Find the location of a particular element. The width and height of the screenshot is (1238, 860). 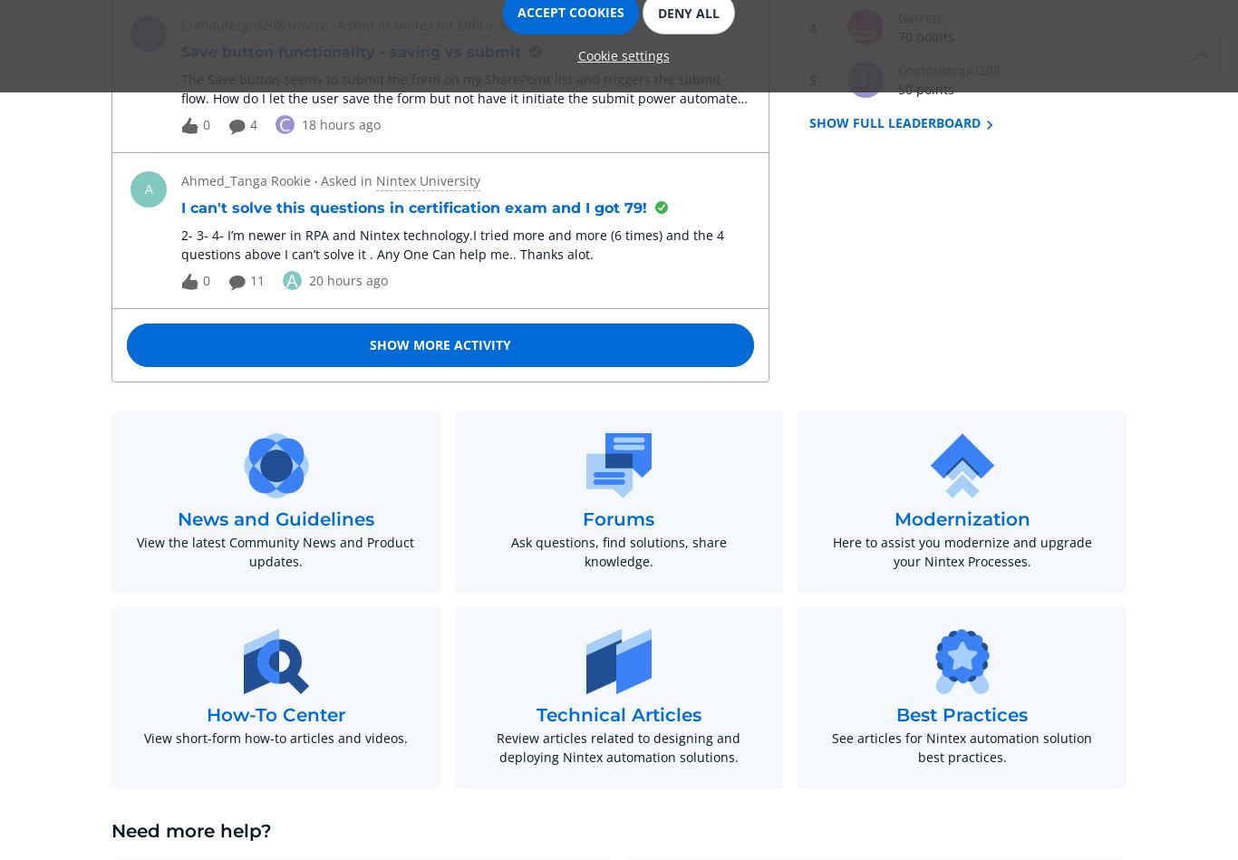

'11' is located at coordinates (256, 279).